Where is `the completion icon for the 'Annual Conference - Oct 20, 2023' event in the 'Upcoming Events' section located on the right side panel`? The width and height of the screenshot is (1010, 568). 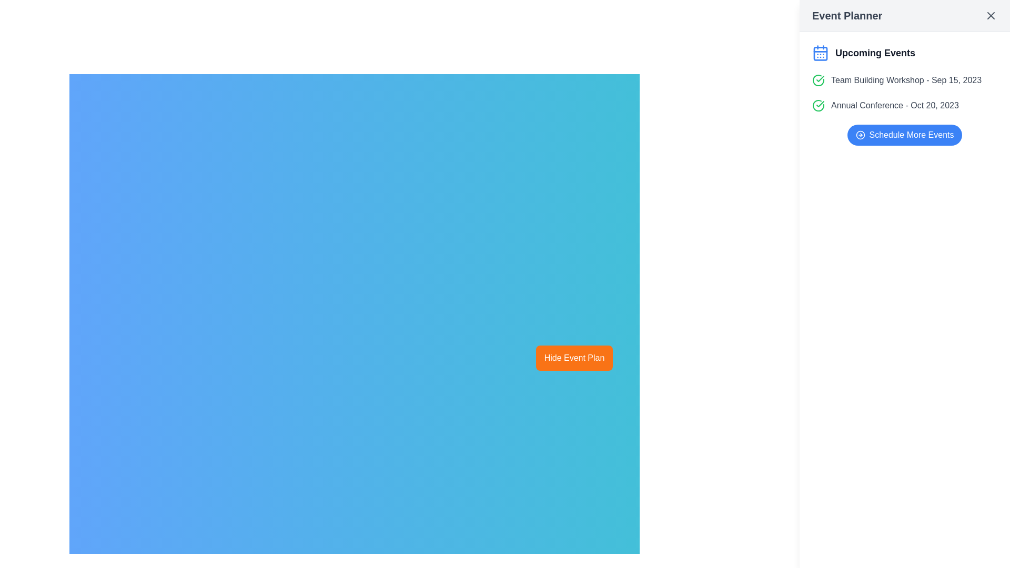
the completion icon for the 'Annual Conference - Oct 20, 2023' event in the 'Upcoming Events' section located on the right side panel is located at coordinates (817, 105).